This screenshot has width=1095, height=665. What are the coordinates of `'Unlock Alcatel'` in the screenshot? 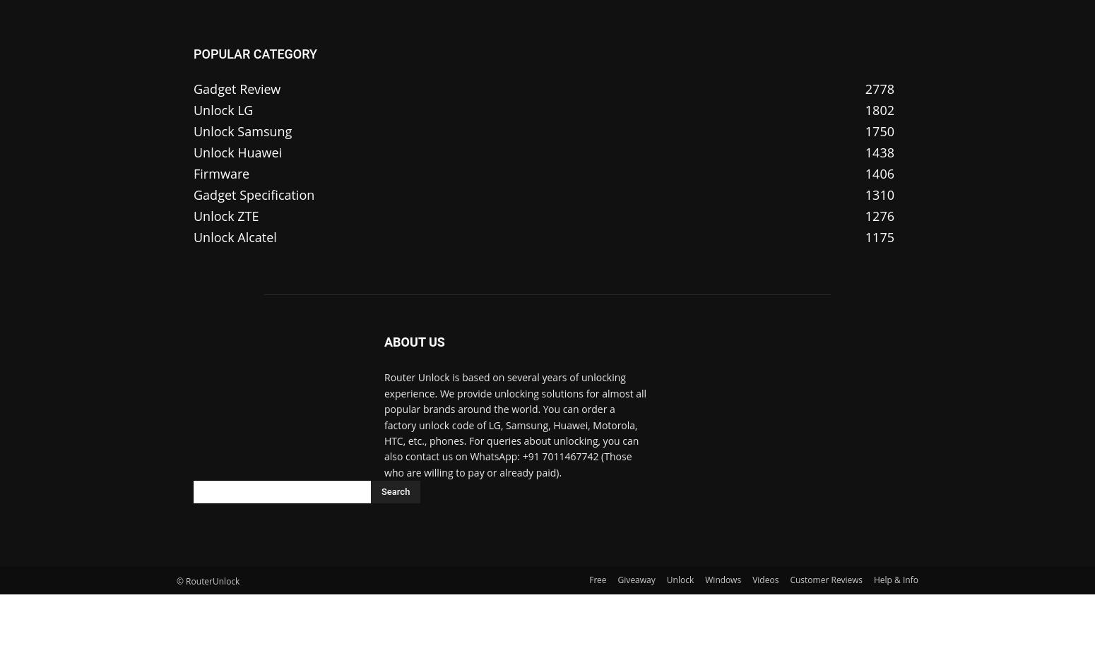 It's located at (234, 236).